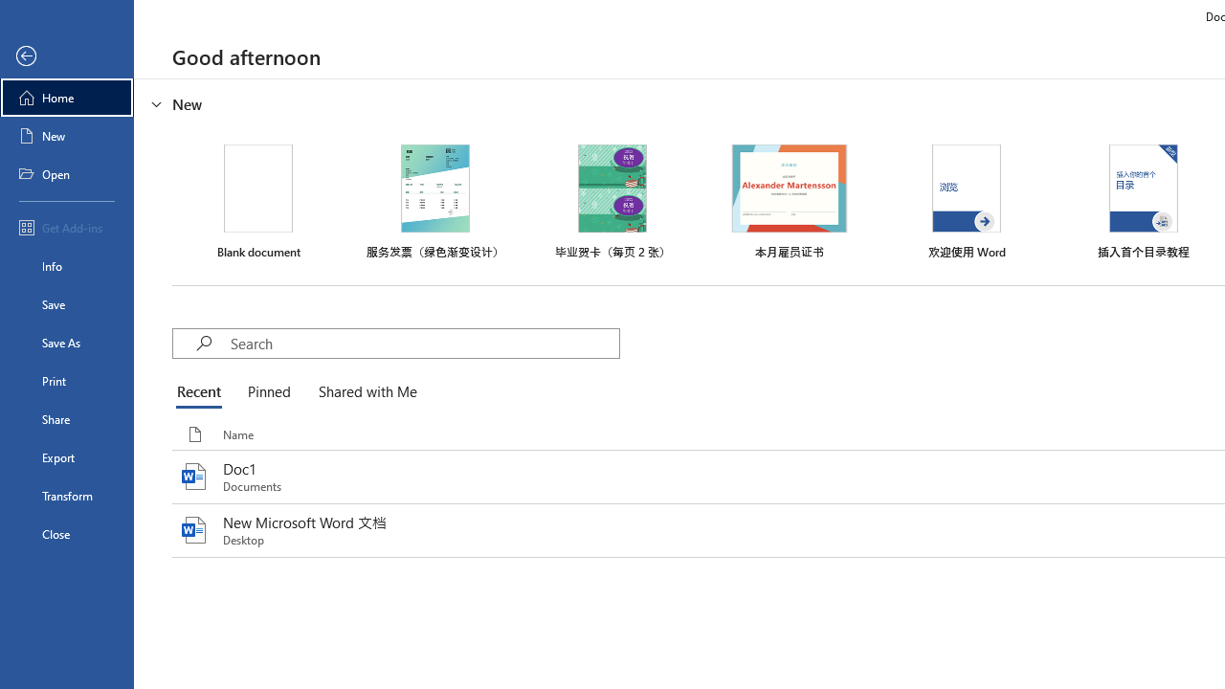 The image size is (1225, 689). Describe the element at coordinates (66, 265) in the screenshot. I see `'Info'` at that location.